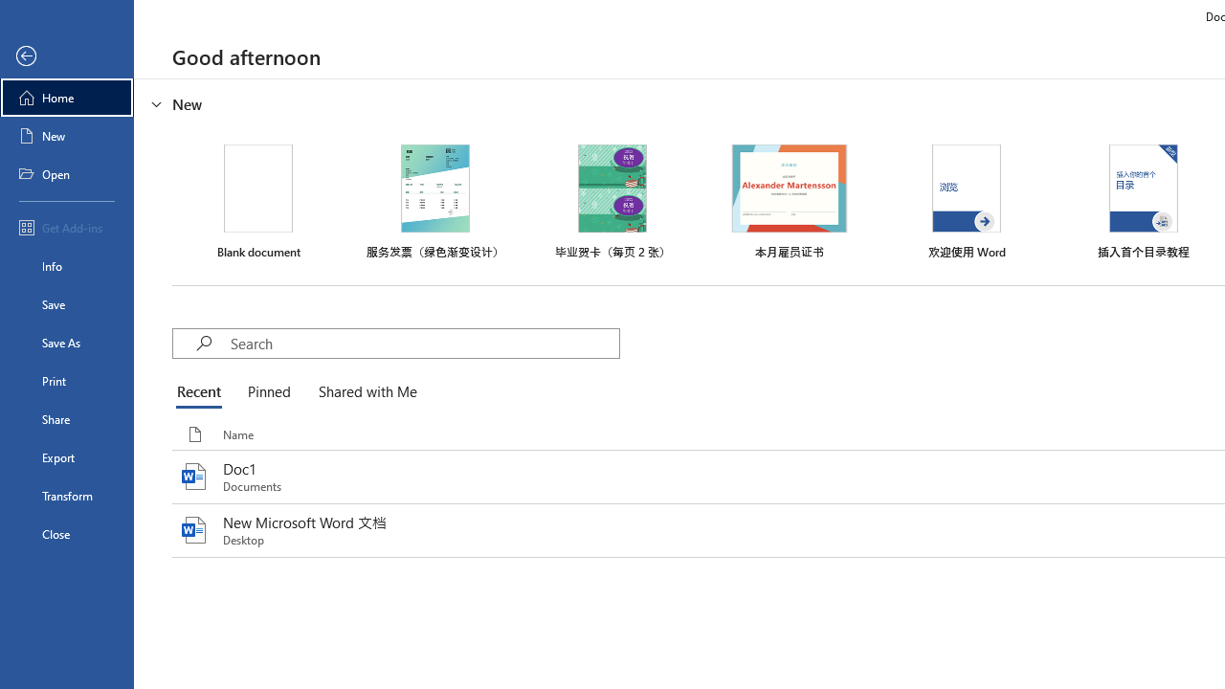 The image size is (1225, 689). Describe the element at coordinates (66, 265) in the screenshot. I see `'Info'` at that location.